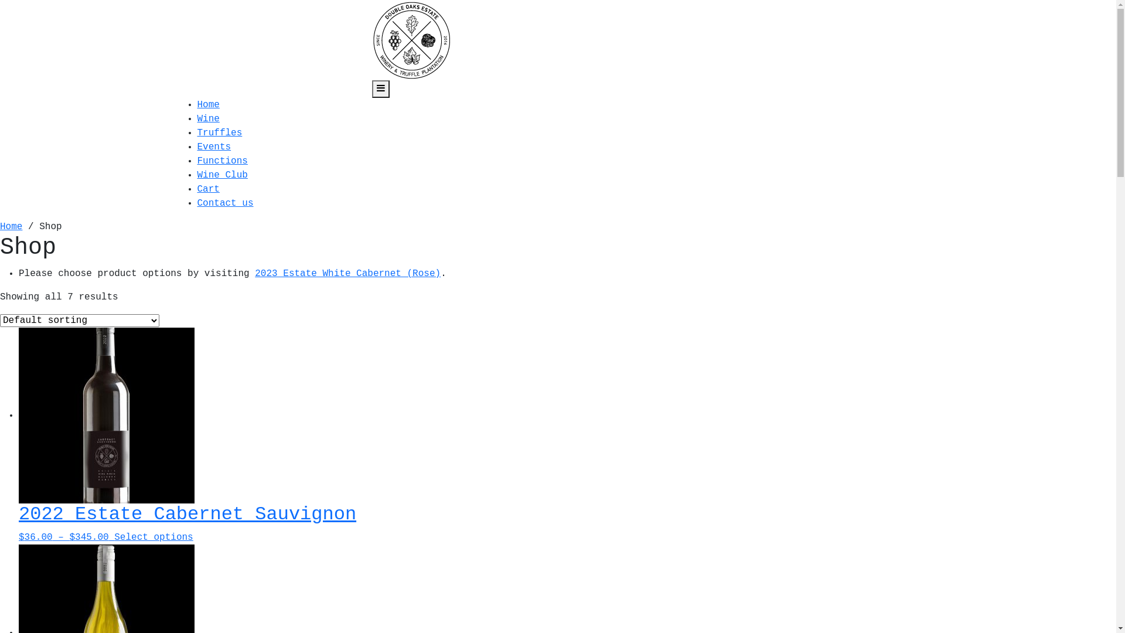  I want to click on 'Wine Club', so click(197, 175).